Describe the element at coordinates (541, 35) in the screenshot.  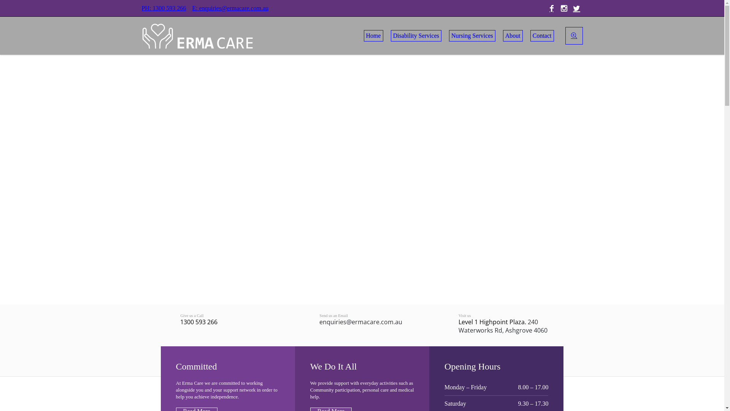
I see `'Contact'` at that location.